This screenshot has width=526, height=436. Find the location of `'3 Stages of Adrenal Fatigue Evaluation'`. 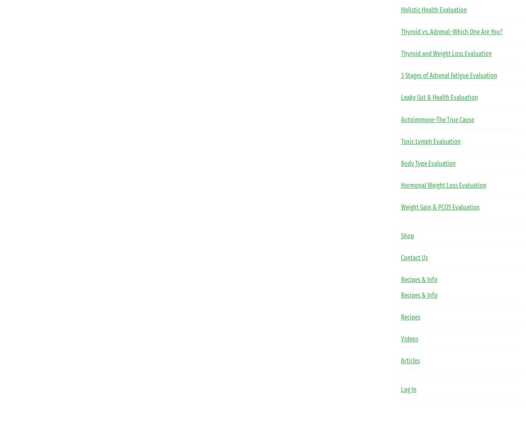

'3 Stages of Adrenal Fatigue Evaluation' is located at coordinates (448, 75).